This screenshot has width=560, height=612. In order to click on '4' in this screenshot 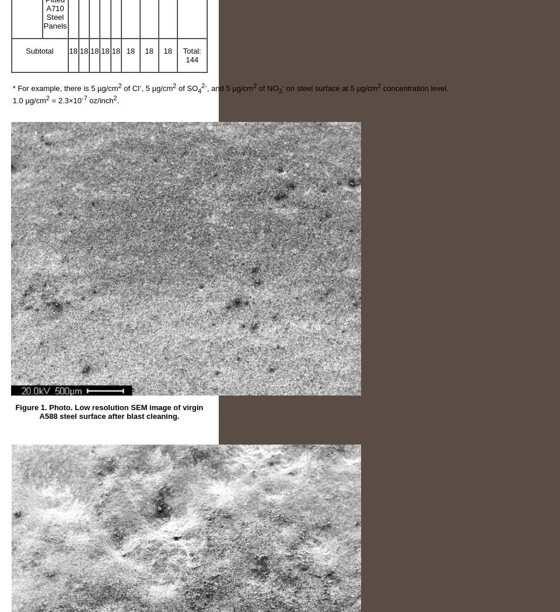, I will do `click(199, 90)`.